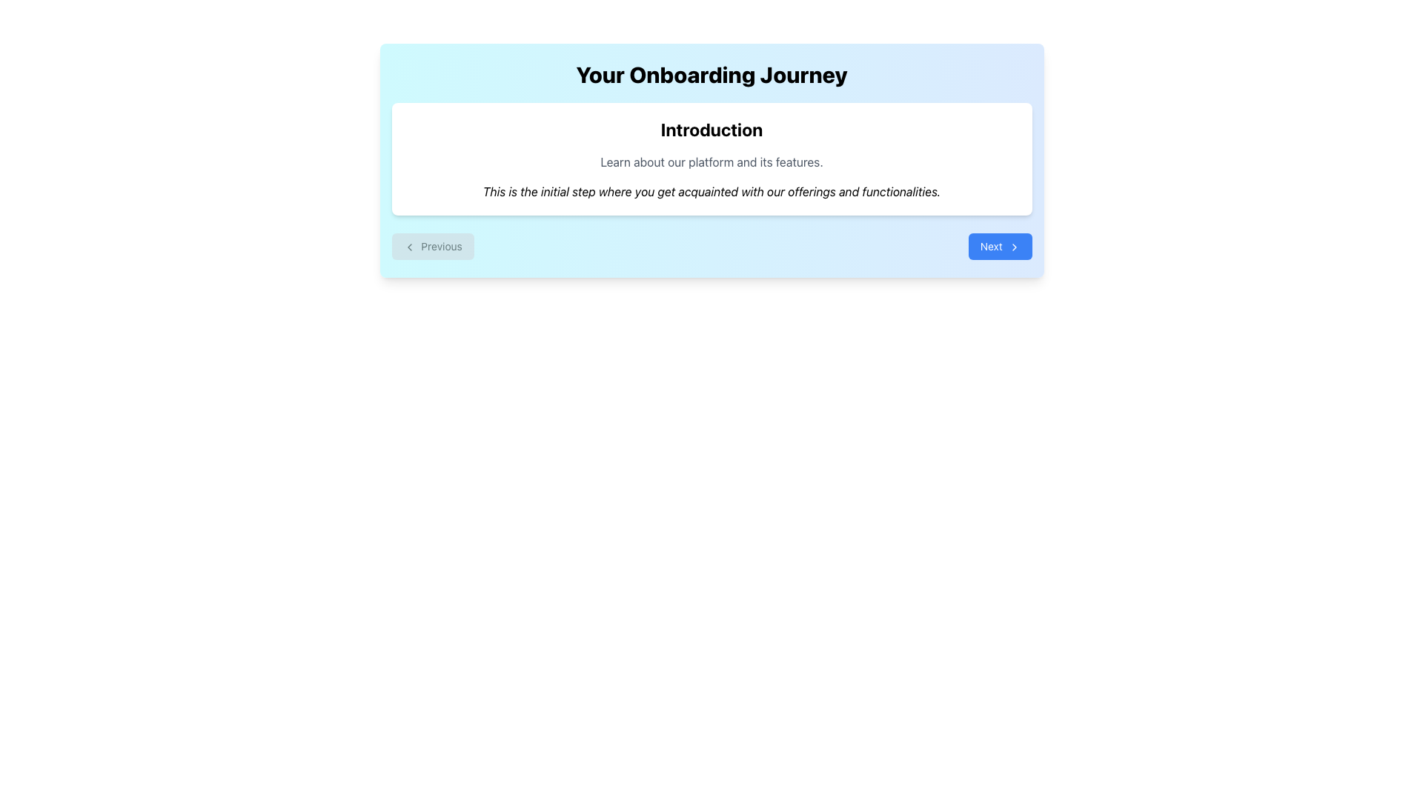 This screenshot has height=800, width=1423. What do you see at coordinates (711, 128) in the screenshot?
I see `the heading that introduces the section about the platform and its features` at bounding box center [711, 128].